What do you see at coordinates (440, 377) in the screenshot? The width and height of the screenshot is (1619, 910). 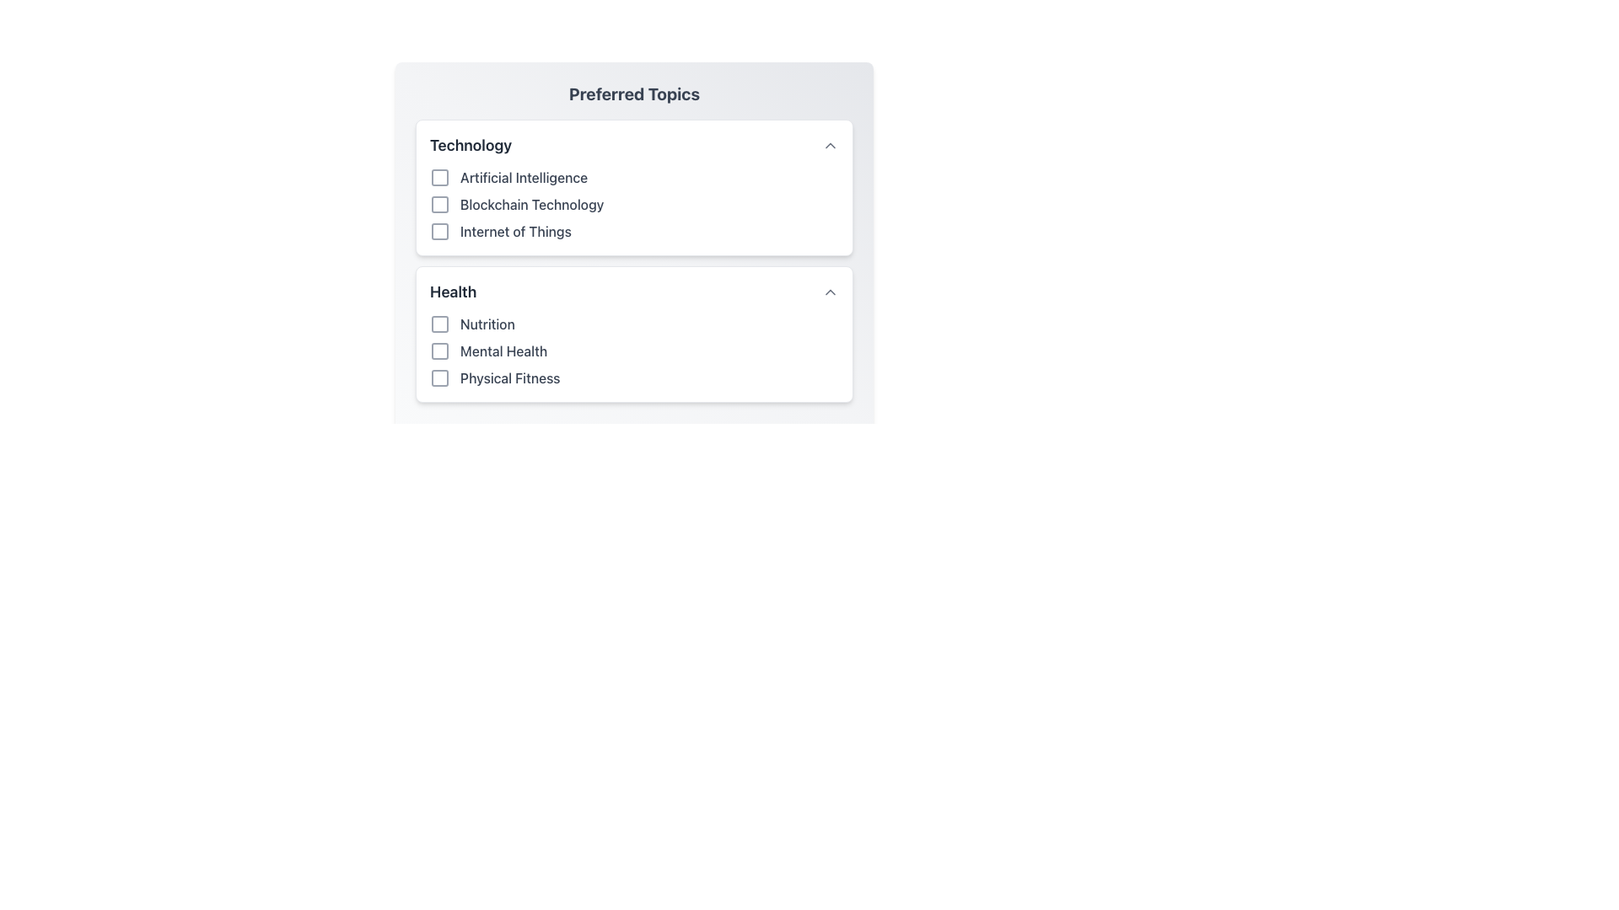 I see `the unchecked checkbox located to the left of the 'Physical Fitness' label in the 'Health' section under 'Preferred Topics'` at bounding box center [440, 377].